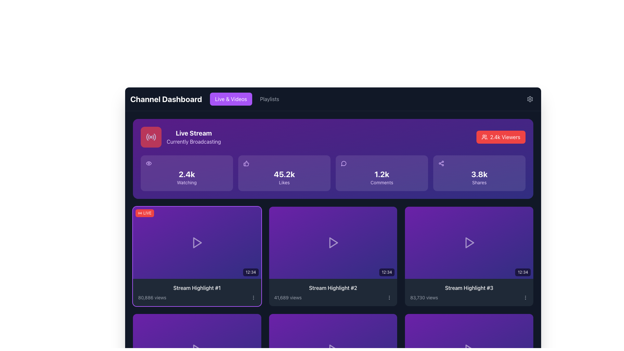  I want to click on the text label that provides descriptive information about a media item, located in the bottom section of a rectangular card in the grid layout, specifically the third card in the second row, so click(469, 292).